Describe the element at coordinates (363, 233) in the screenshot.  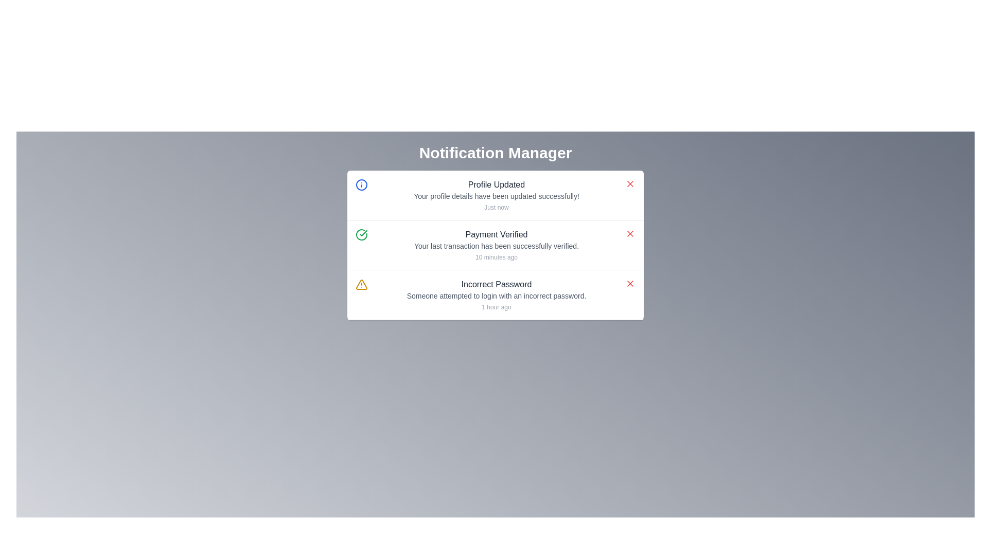
I see `the green checkmark icon indicating 'Payment Verified' in the notification panel` at that location.